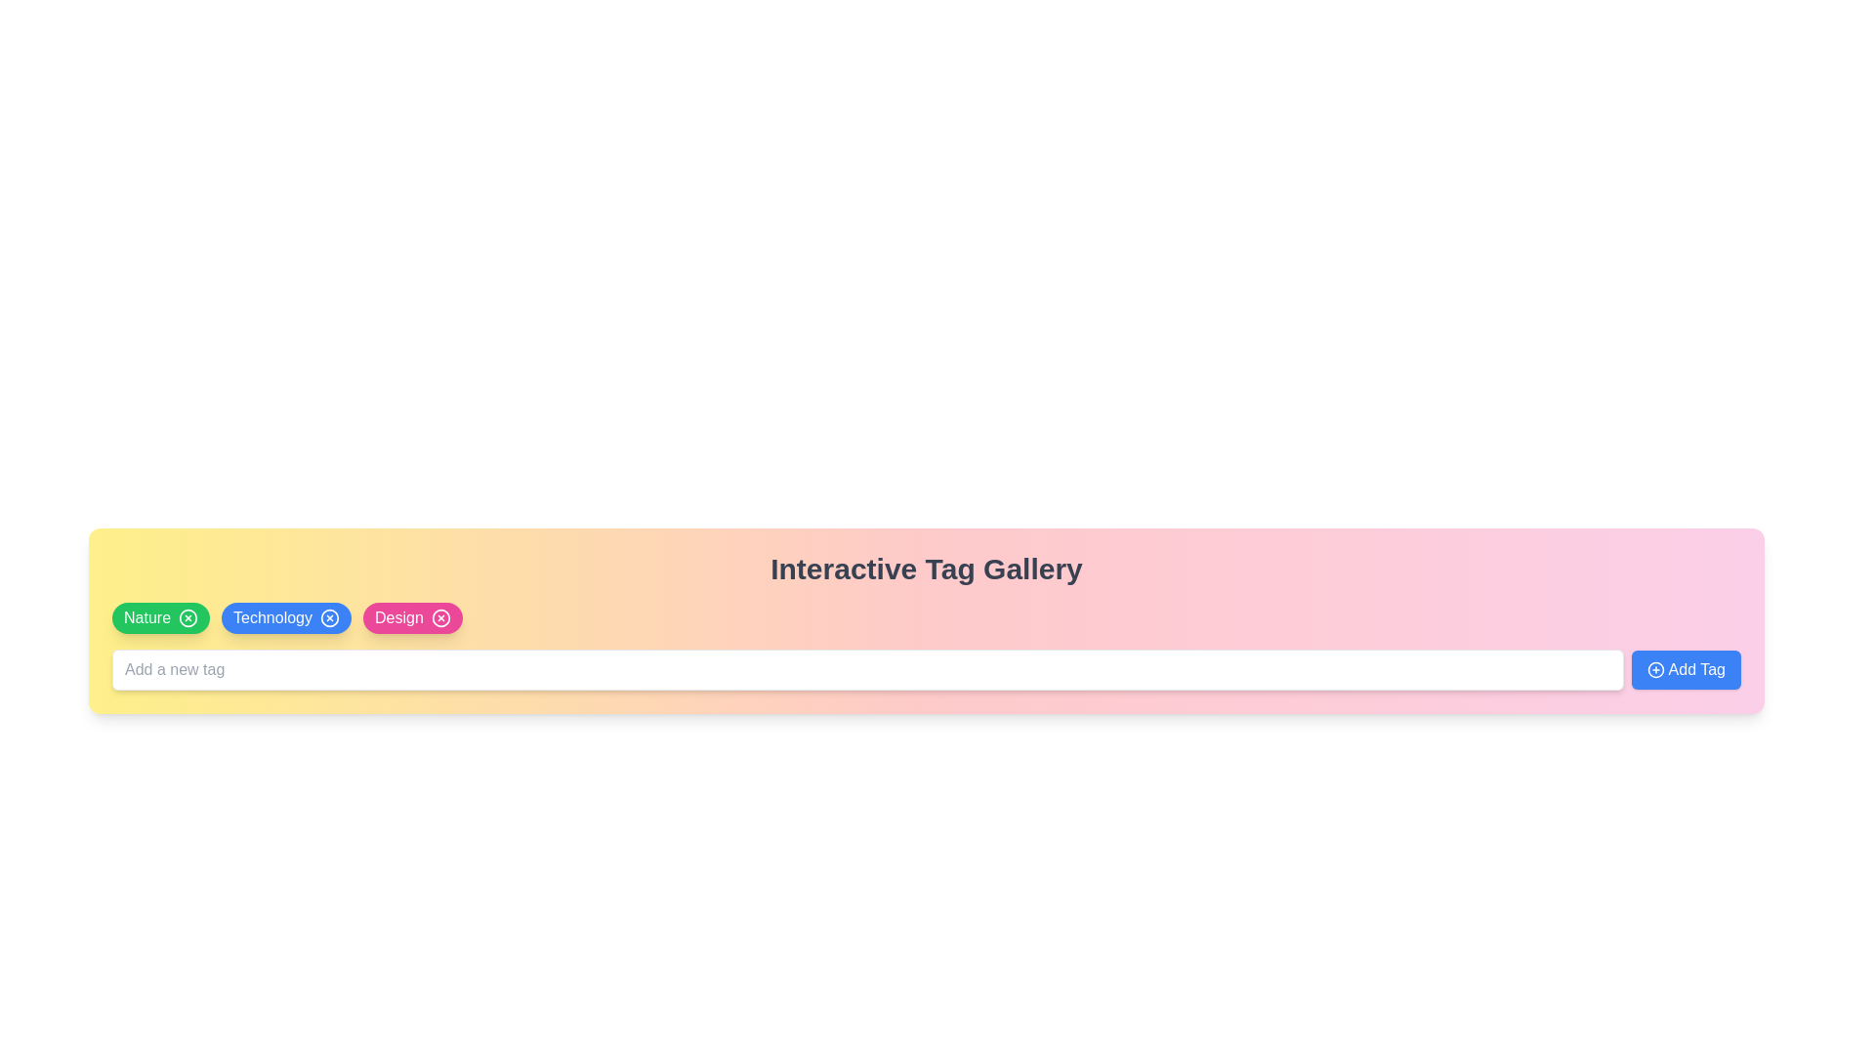 This screenshot has width=1875, height=1055. Describe the element at coordinates (187, 617) in the screenshot. I see `the close button located to the right of the 'Nature' tag` at that location.